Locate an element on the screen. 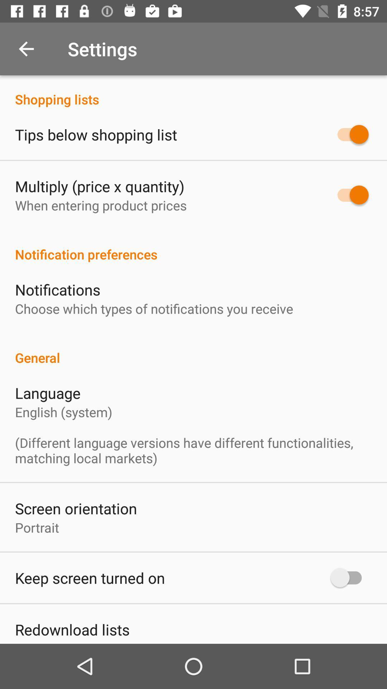 The width and height of the screenshot is (387, 689). redownload lists item is located at coordinates (72, 629).